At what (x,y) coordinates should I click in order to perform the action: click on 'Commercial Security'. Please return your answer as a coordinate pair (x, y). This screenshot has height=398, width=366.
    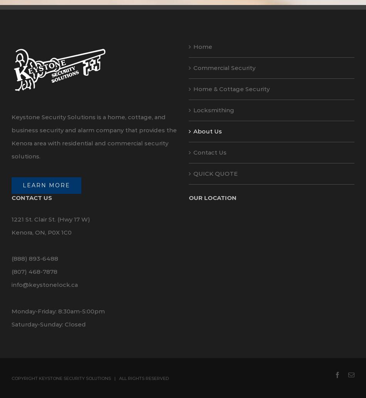
    Looking at the image, I should click on (224, 67).